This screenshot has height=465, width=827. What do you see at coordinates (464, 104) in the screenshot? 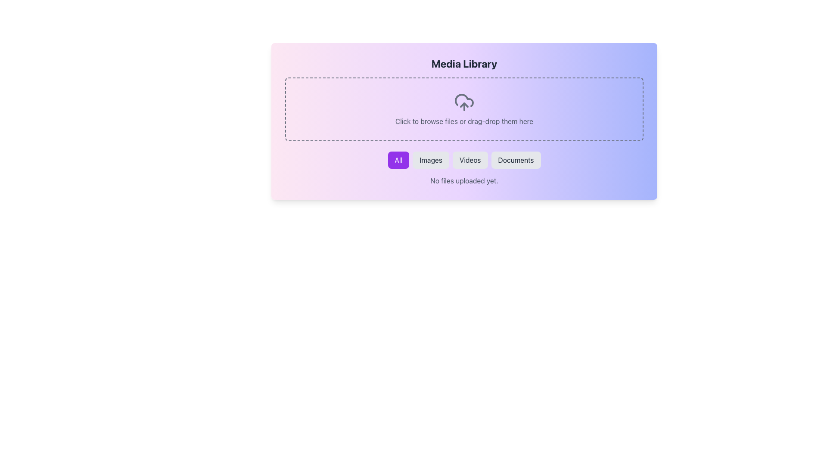
I see `the upward arrow icon indicating file upload functionality within the cloud icon` at bounding box center [464, 104].